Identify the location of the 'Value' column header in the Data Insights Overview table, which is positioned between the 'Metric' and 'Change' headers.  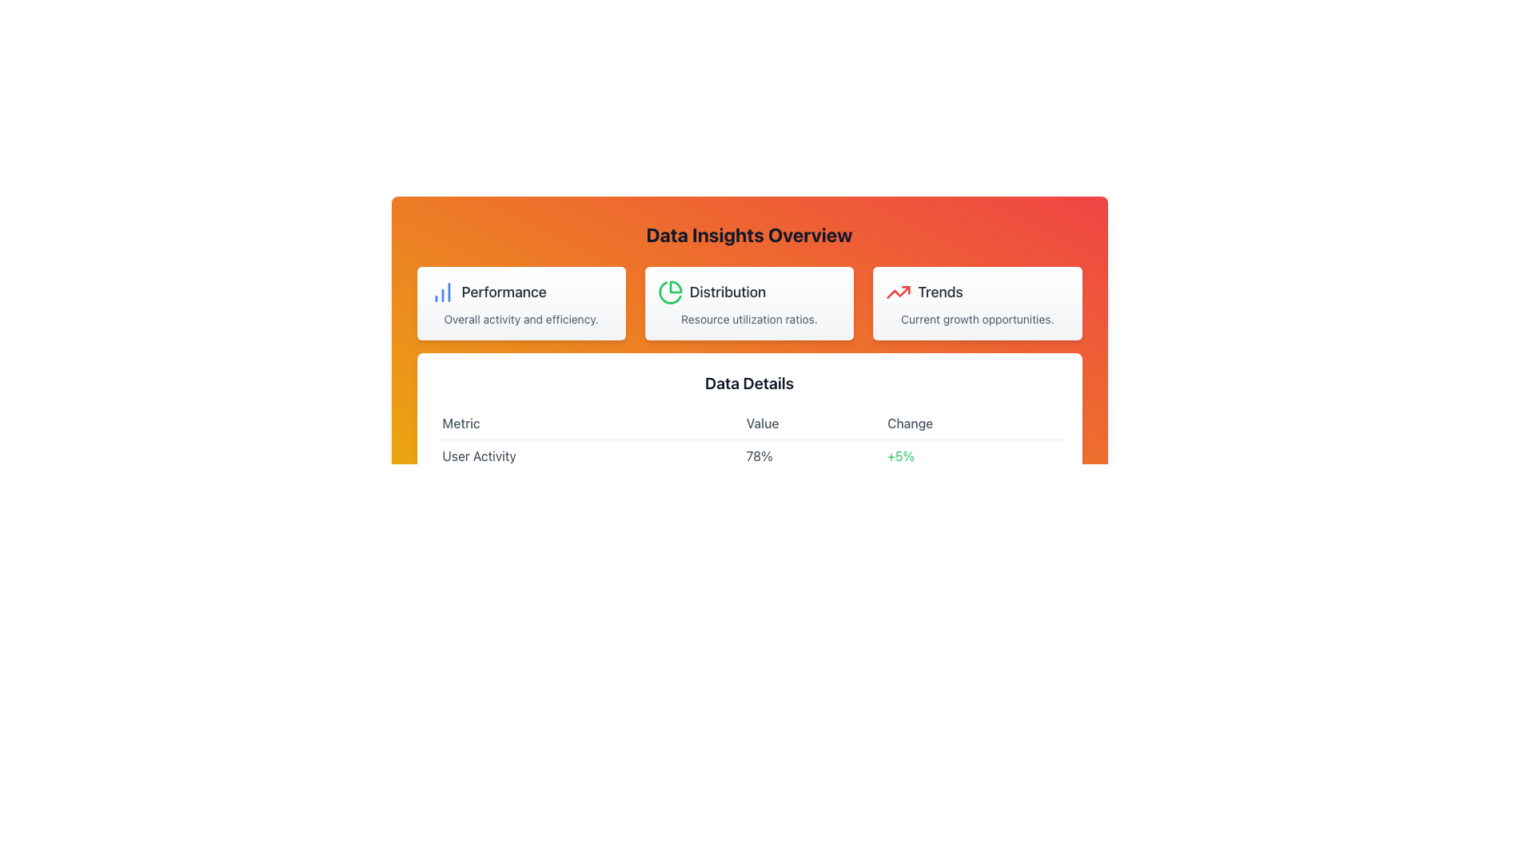
(748, 423).